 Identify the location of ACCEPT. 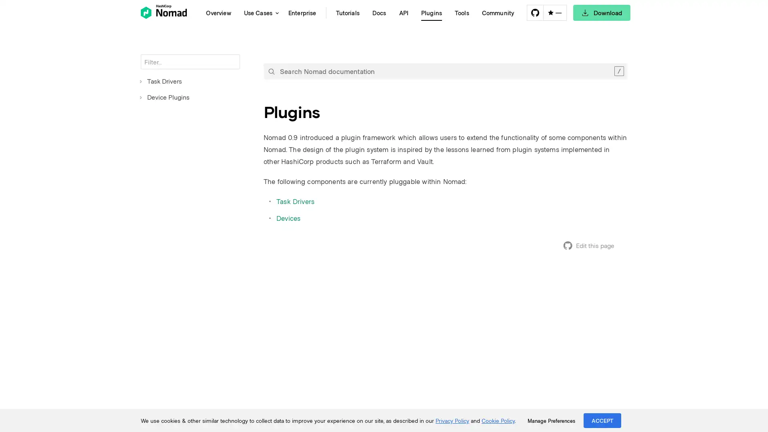
(602, 420).